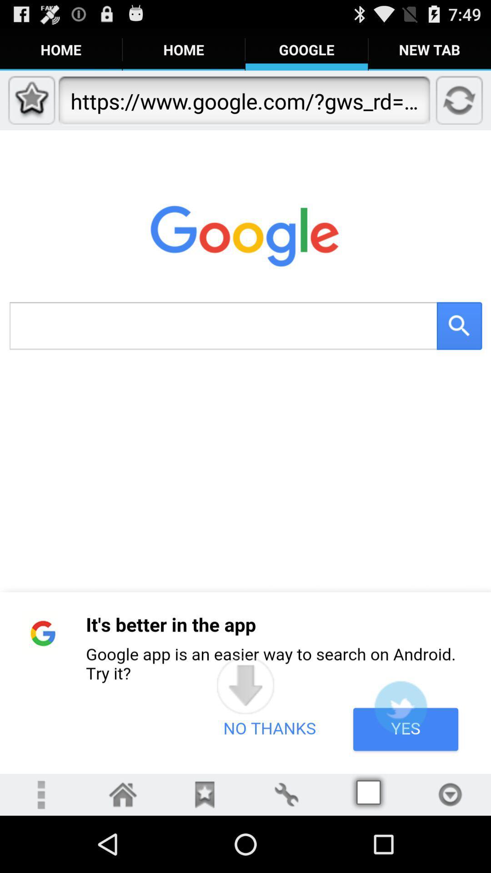 This screenshot has width=491, height=873. I want to click on painater, so click(286, 794).